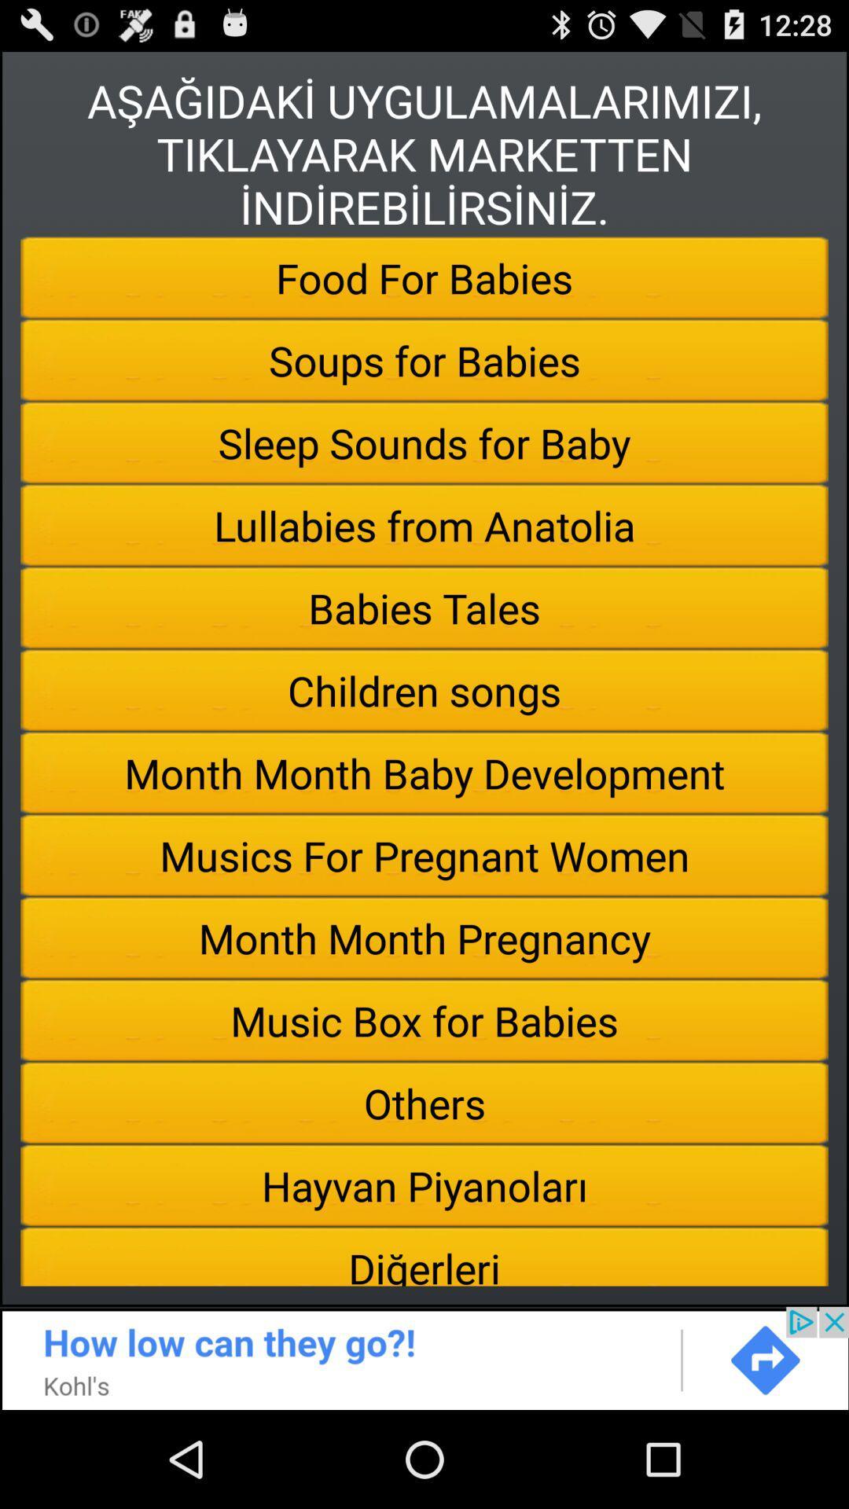 Image resolution: width=849 pixels, height=1509 pixels. I want to click on opens the advertisement, so click(424, 1357).